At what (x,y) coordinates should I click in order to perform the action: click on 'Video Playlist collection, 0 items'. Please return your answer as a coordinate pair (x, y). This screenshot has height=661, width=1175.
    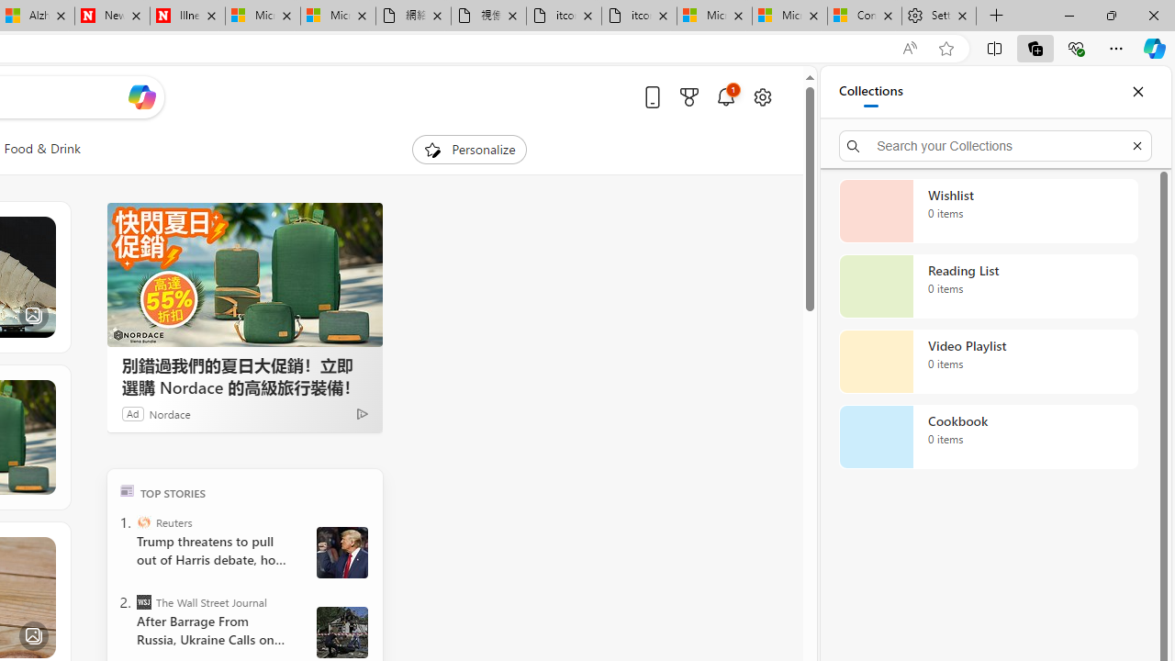
    Looking at the image, I should click on (988, 362).